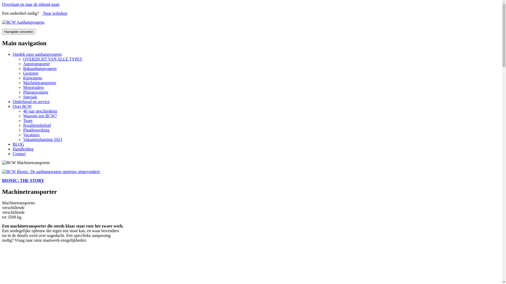  What do you see at coordinates (2, 176) in the screenshot?
I see `'BIONIC: THE STORY'` at bounding box center [2, 176].